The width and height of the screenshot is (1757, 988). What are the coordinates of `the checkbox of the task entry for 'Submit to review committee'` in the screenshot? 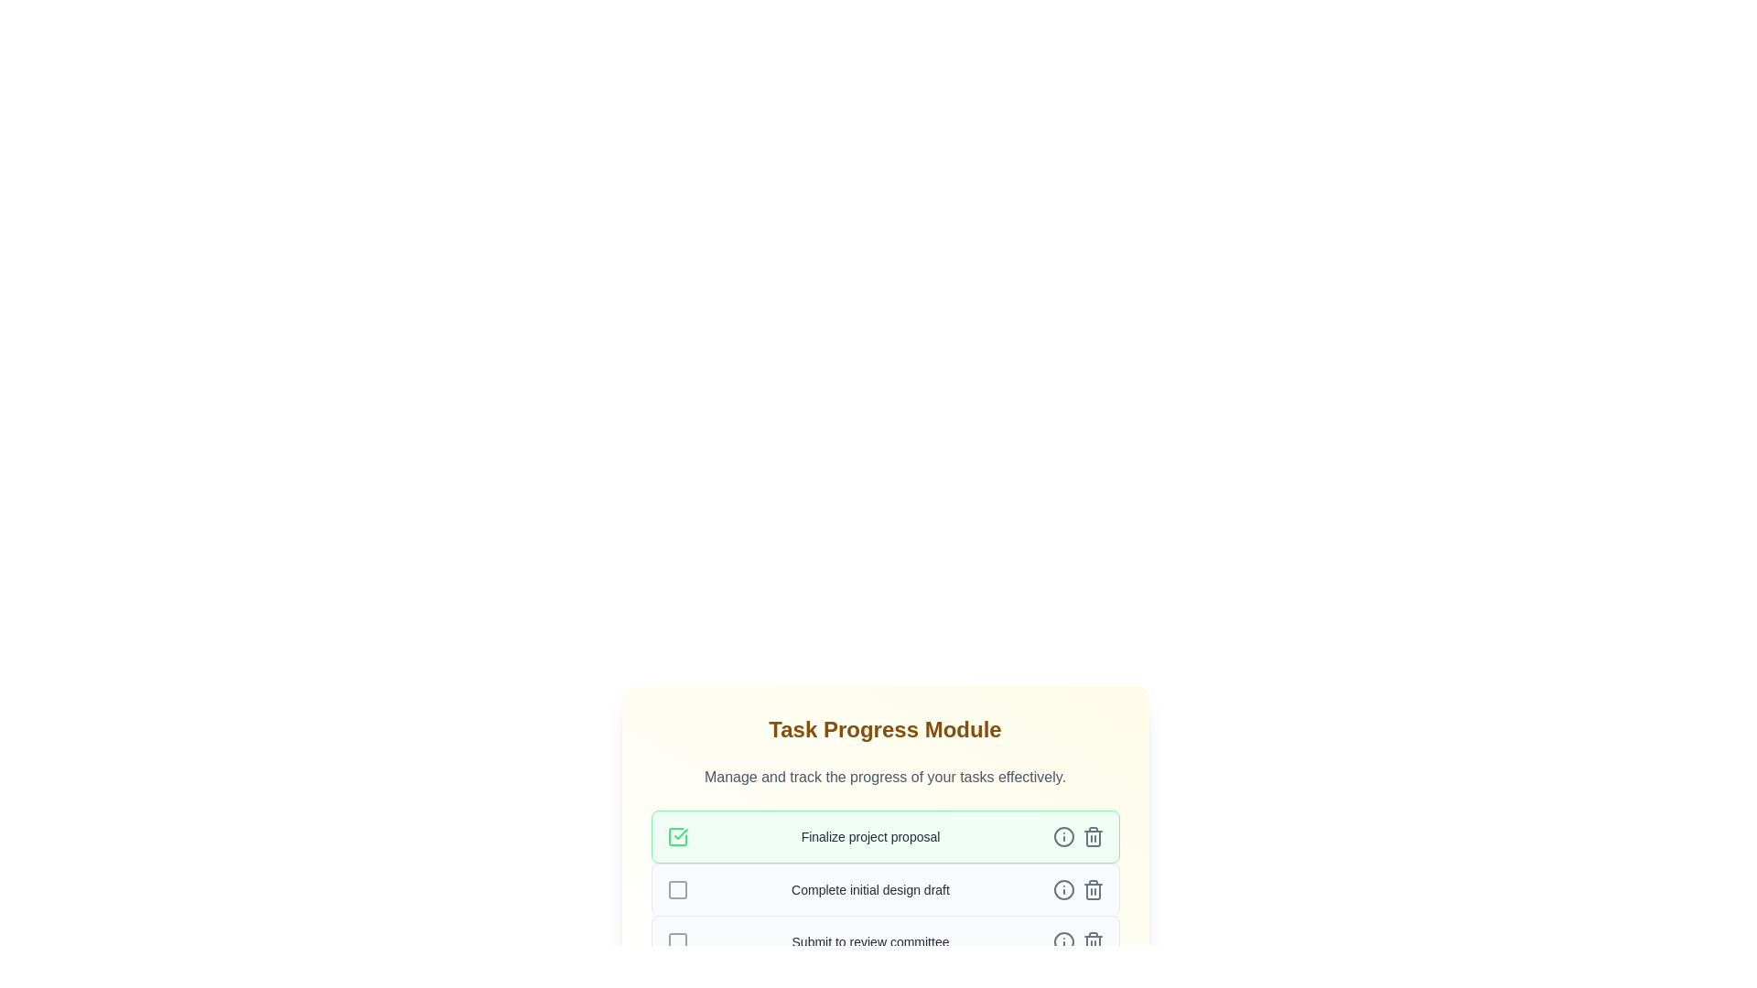 It's located at (885, 941).